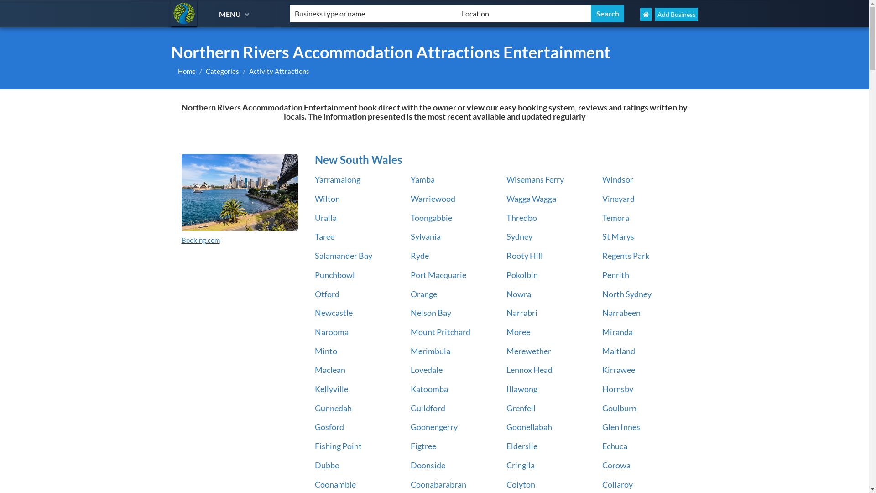 This screenshot has width=876, height=493. What do you see at coordinates (327, 198) in the screenshot?
I see `'Wilton'` at bounding box center [327, 198].